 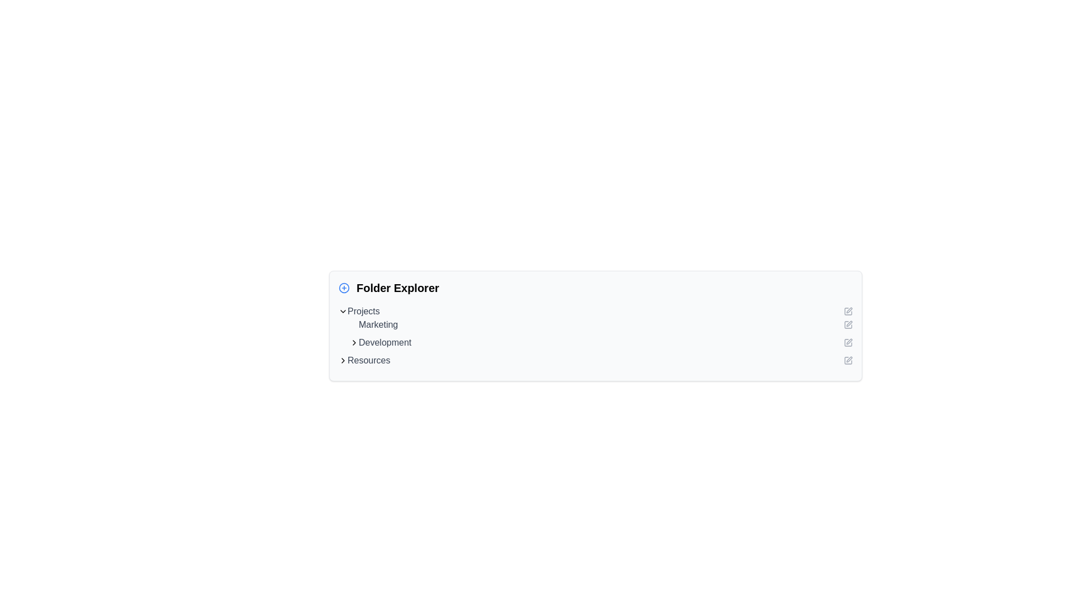 I want to click on the 'Resources' navigation item located at the bottom of the list in the folder explorer interface, so click(x=595, y=360).